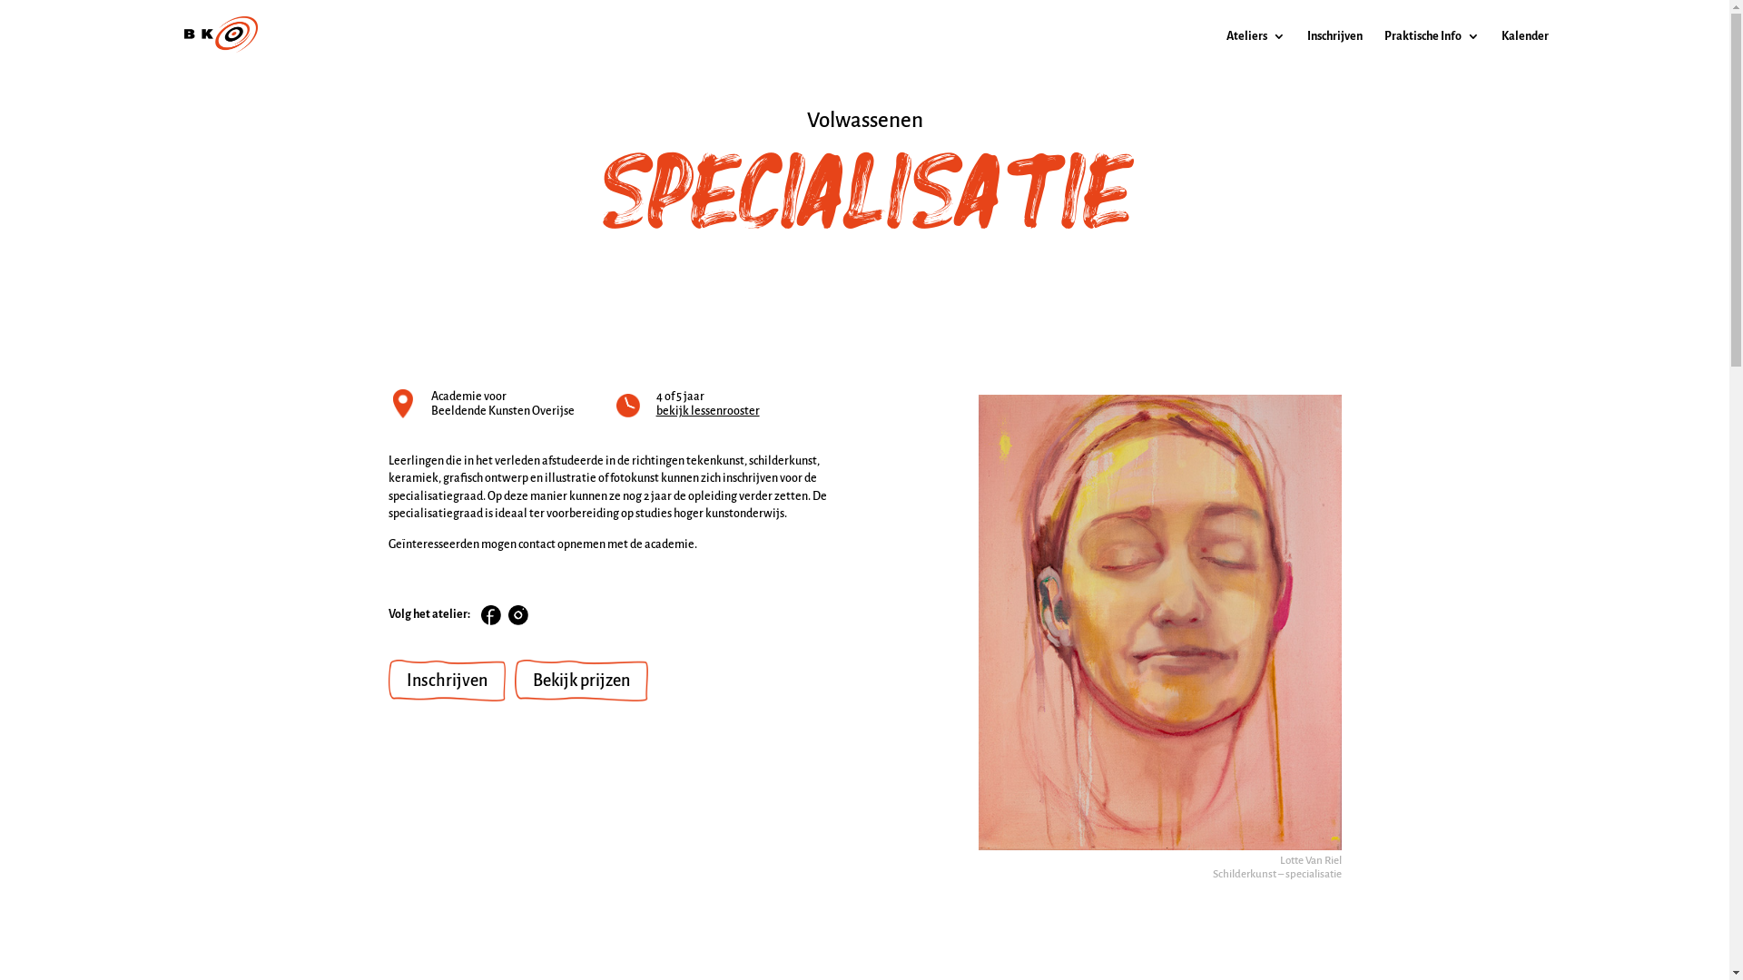  What do you see at coordinates (1525, 50) in the screenshot?
I see `'Kalender'` at bounding box center [1525, 50].